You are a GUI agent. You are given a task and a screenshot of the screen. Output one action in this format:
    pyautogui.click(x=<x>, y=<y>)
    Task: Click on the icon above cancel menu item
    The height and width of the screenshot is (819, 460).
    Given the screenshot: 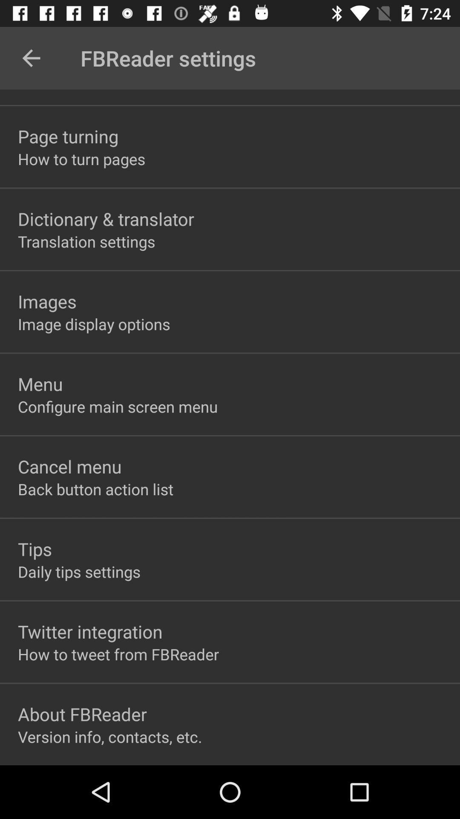 What is the action you would take?
    pyautogui.click(x=118, y=406)
    